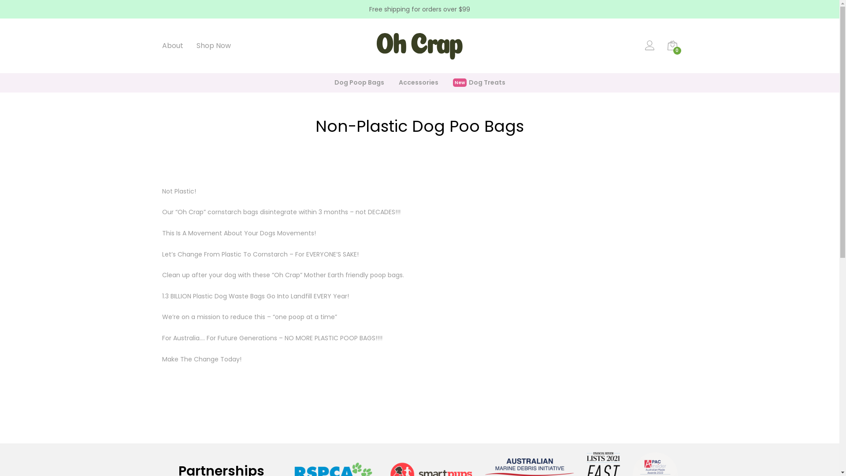 The height and width of the screenshot is (476, 846). What do you see at coordinates (213, 46) in the screenshot?
I see `'Shop Now'` at bounding box center [213, 46].